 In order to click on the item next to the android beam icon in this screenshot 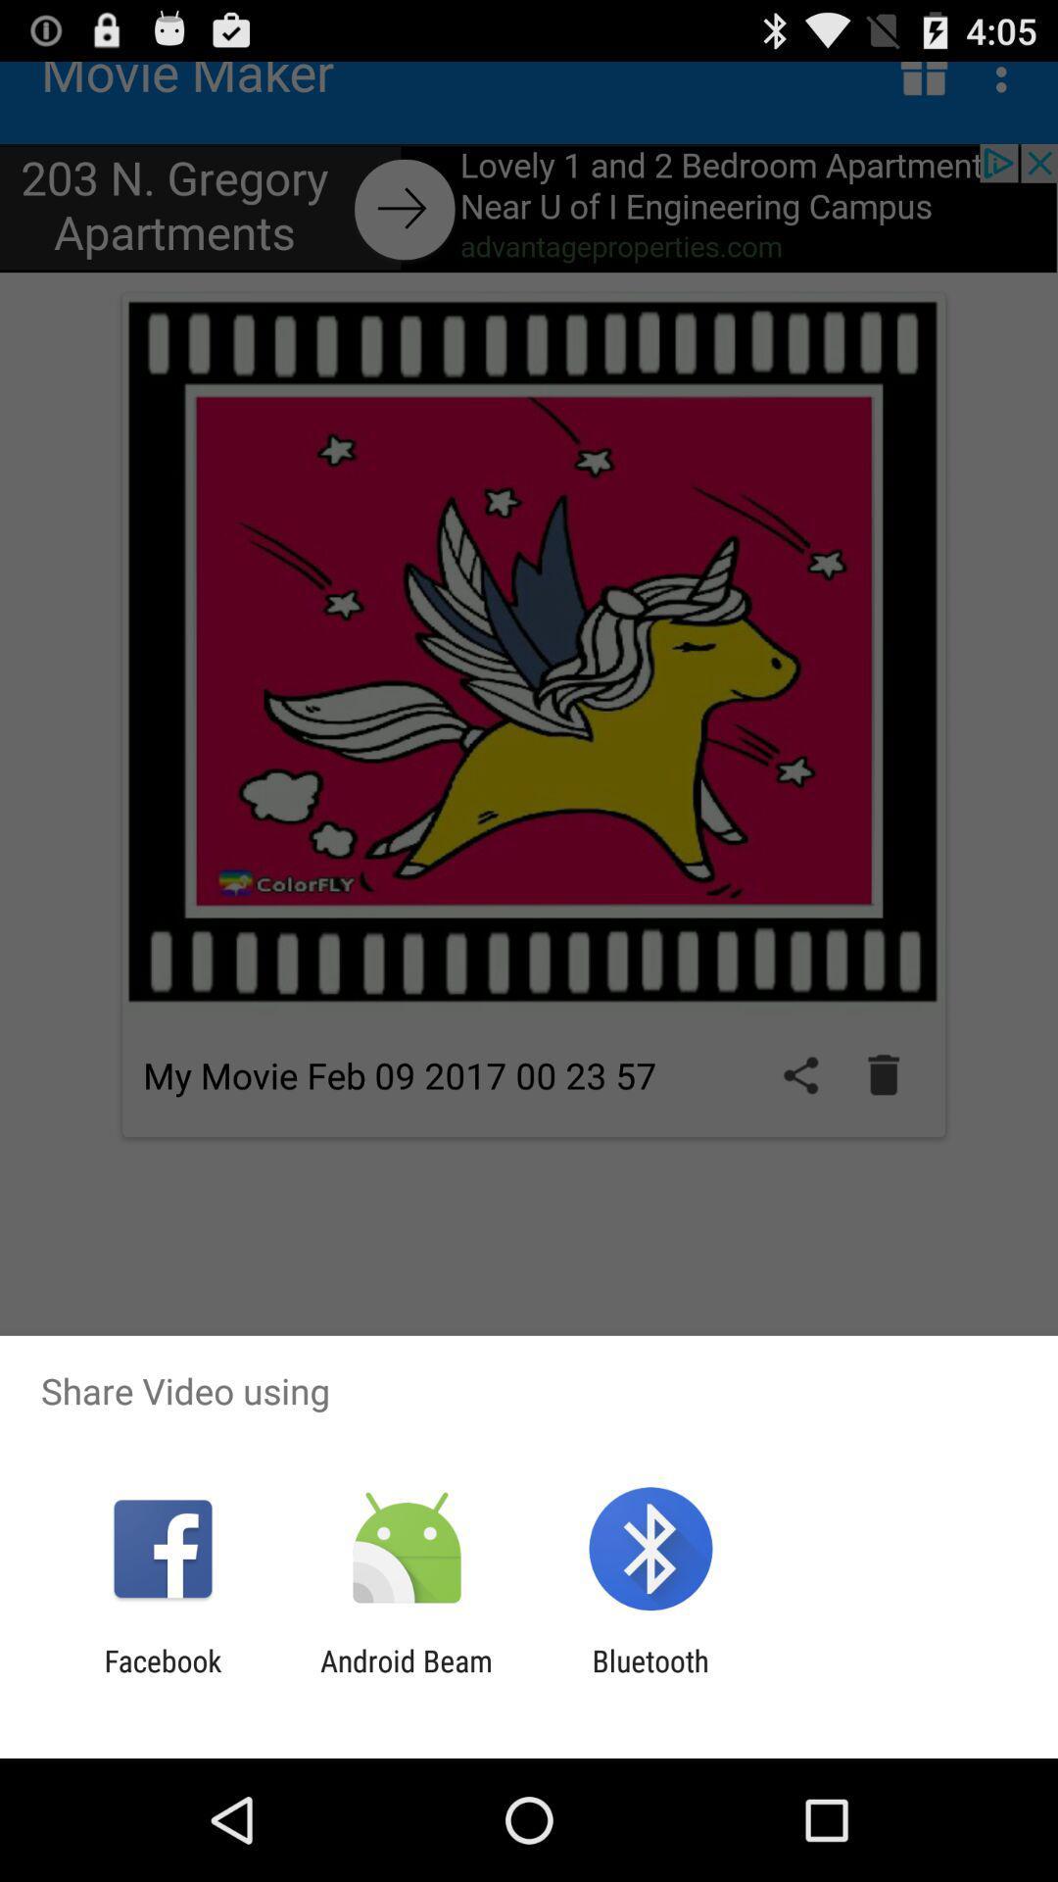, I will do `click(162, 1677)`.